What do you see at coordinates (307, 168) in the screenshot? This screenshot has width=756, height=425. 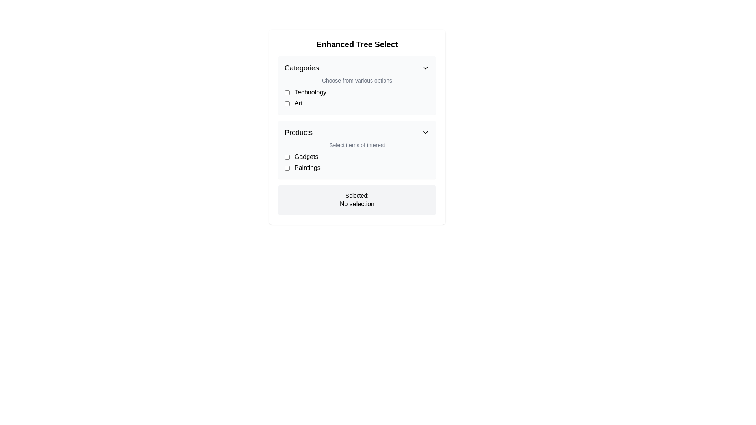 I see `text label 'Paintings' which is located to the right of the checkbox in the 'Products' section of the interface` at bounding box center [307, 168].